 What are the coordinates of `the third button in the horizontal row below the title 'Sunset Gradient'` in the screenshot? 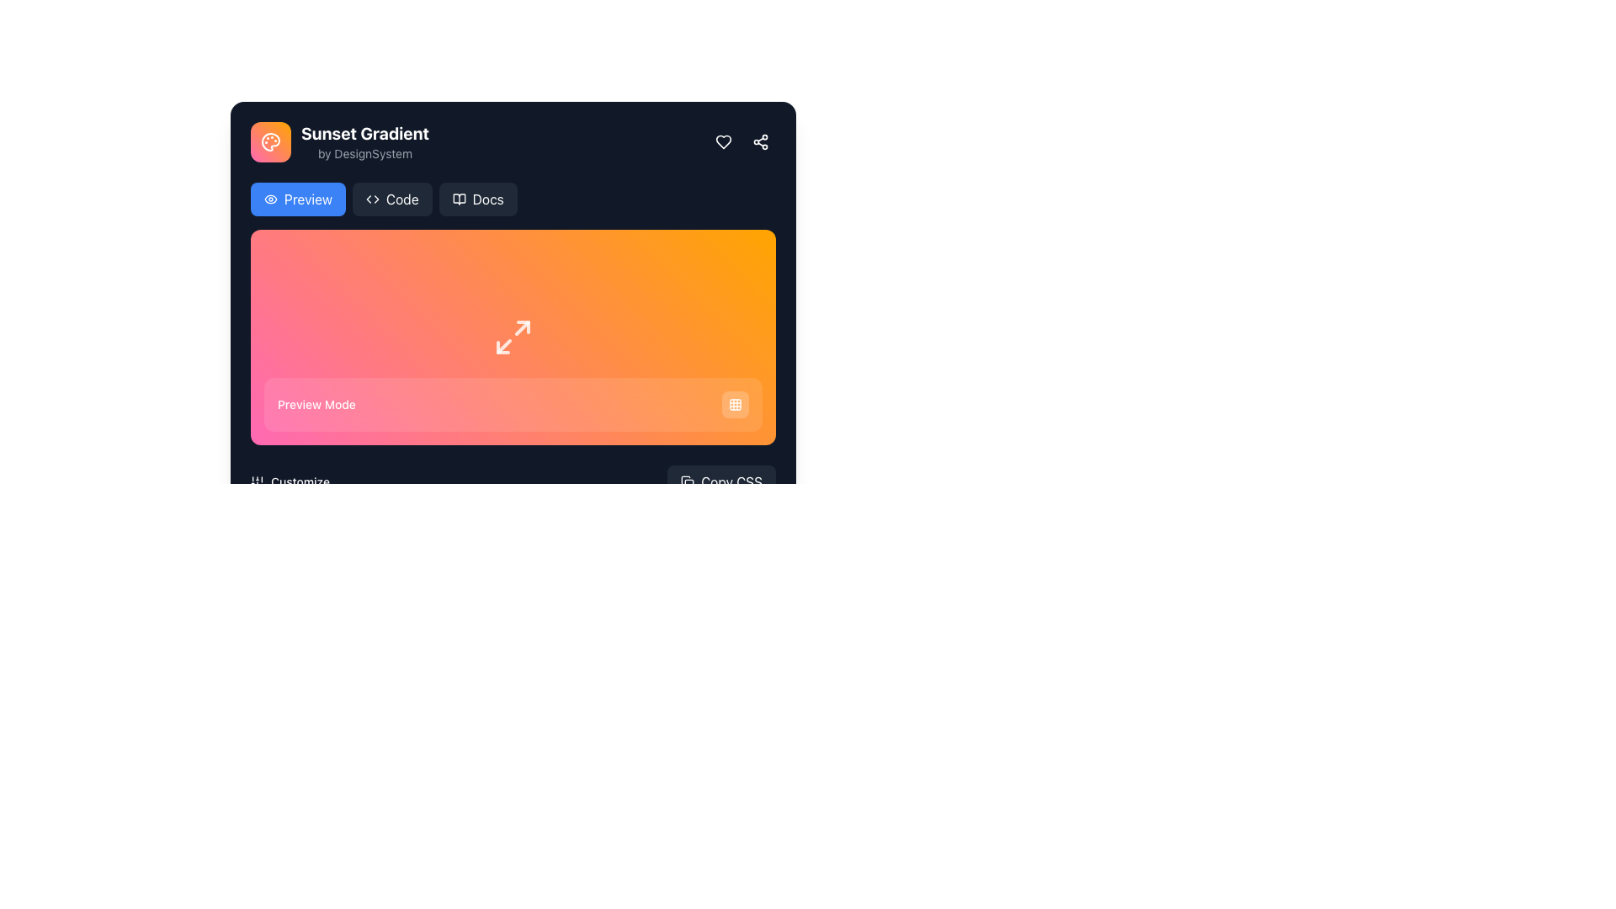 It's located at (477, 198).